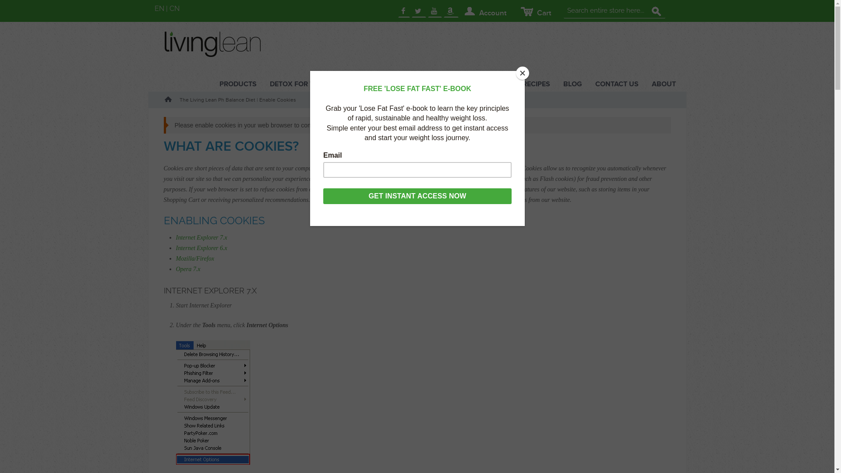  What do you see at coordinates (159, 8) in the screenshot?
I see `'EN'` at bounding box center [159, 8].